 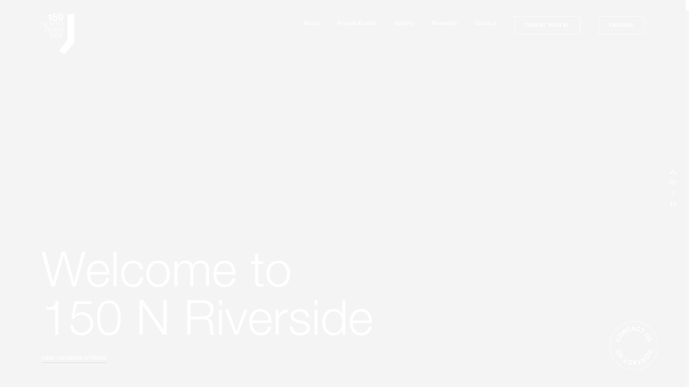 What do you see at coordinates (74, 358) in the screenshot?
I see `'VIEW 150 MEDIA STREAM'` at bounding box center [74, 358].